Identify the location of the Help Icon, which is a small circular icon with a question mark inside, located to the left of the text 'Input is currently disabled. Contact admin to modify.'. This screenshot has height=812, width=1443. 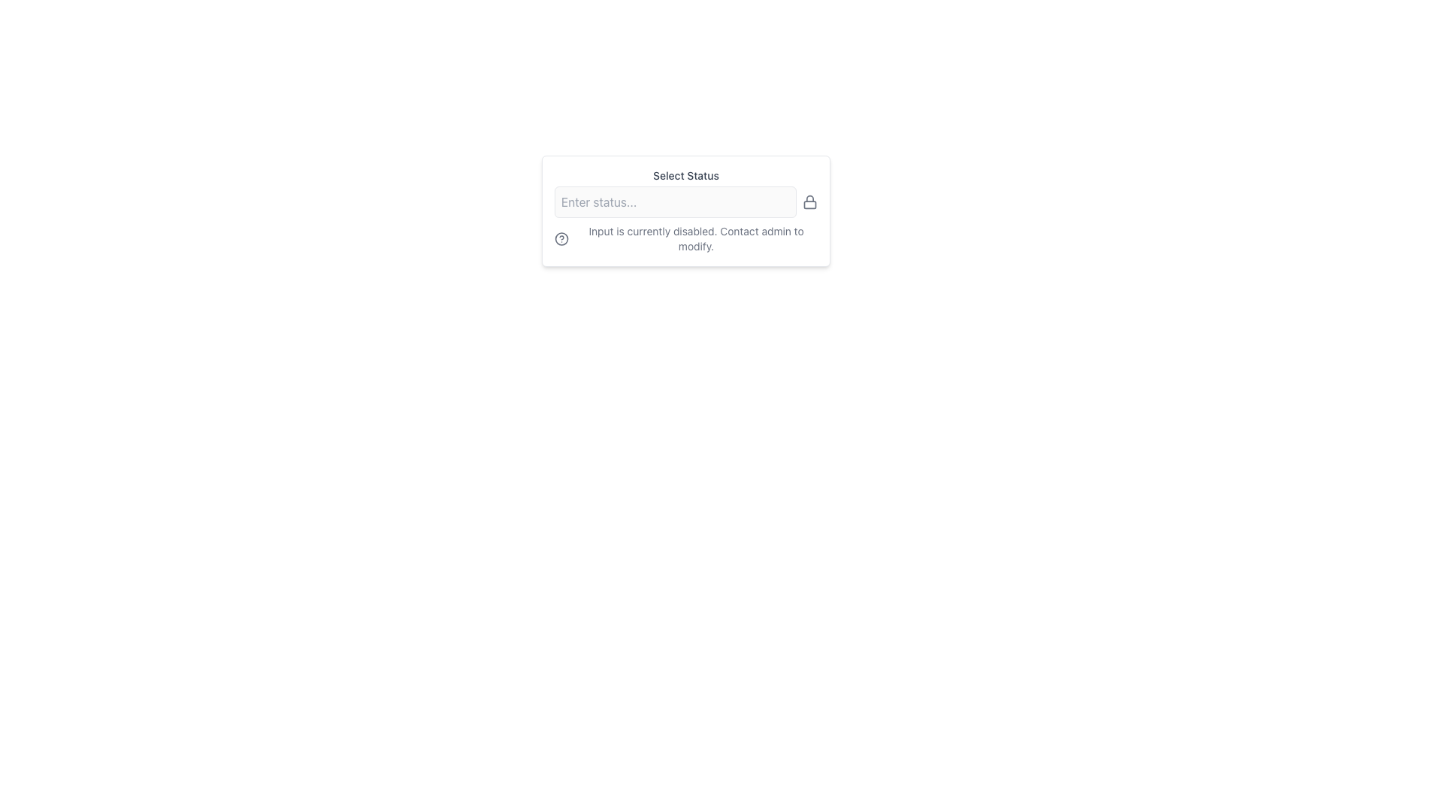
(561, 238).